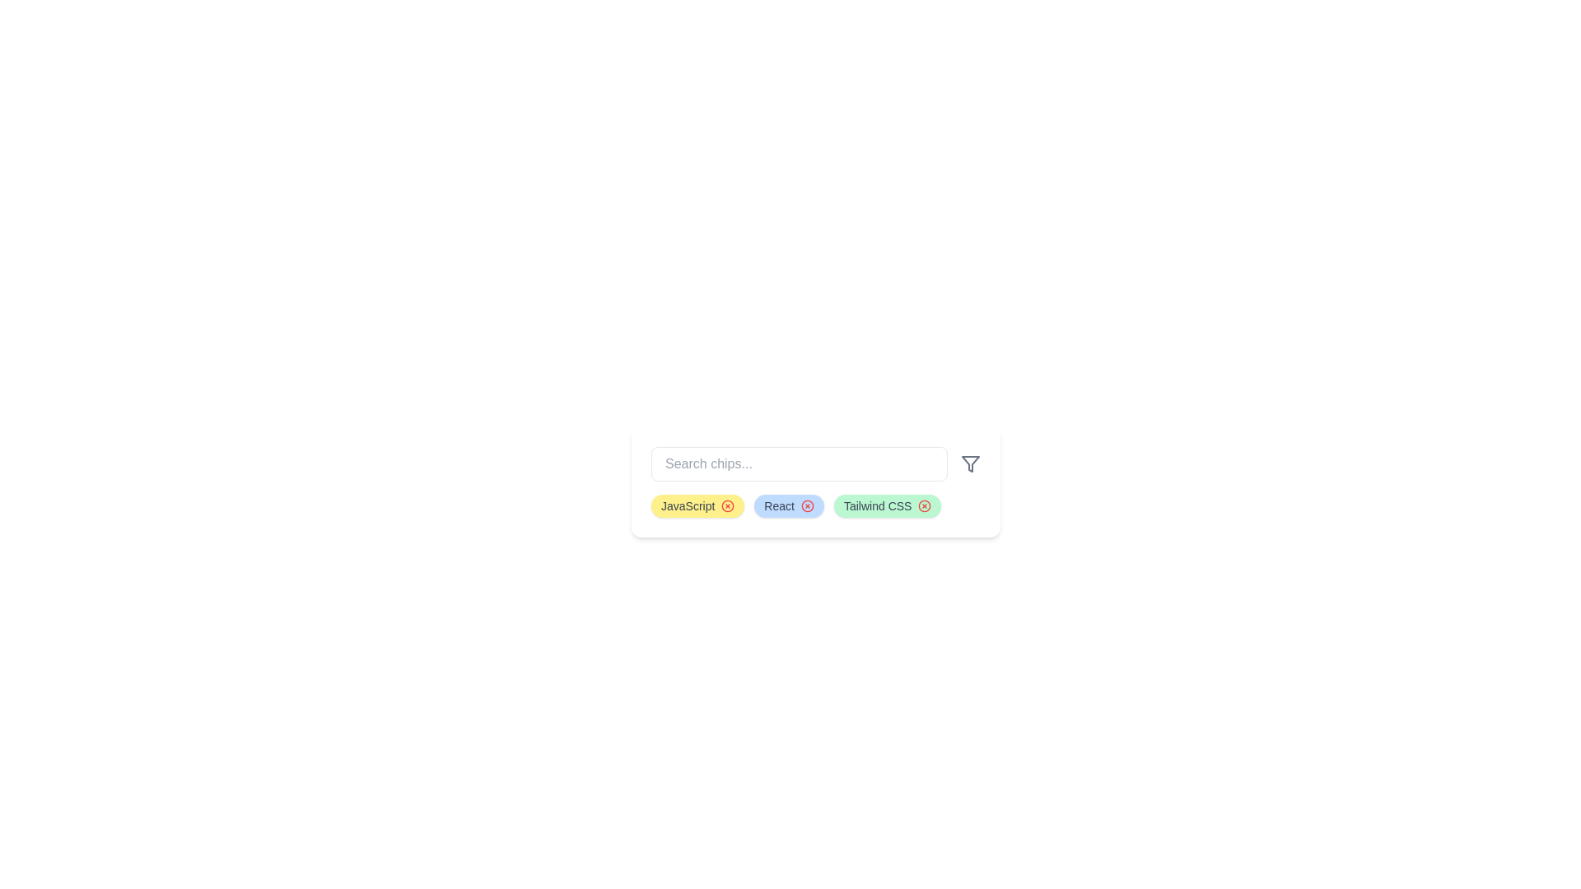  Describe the element at coordinates (971, 463) in the screenshot. I see `the filter icon to trigger its functionality` at that location.